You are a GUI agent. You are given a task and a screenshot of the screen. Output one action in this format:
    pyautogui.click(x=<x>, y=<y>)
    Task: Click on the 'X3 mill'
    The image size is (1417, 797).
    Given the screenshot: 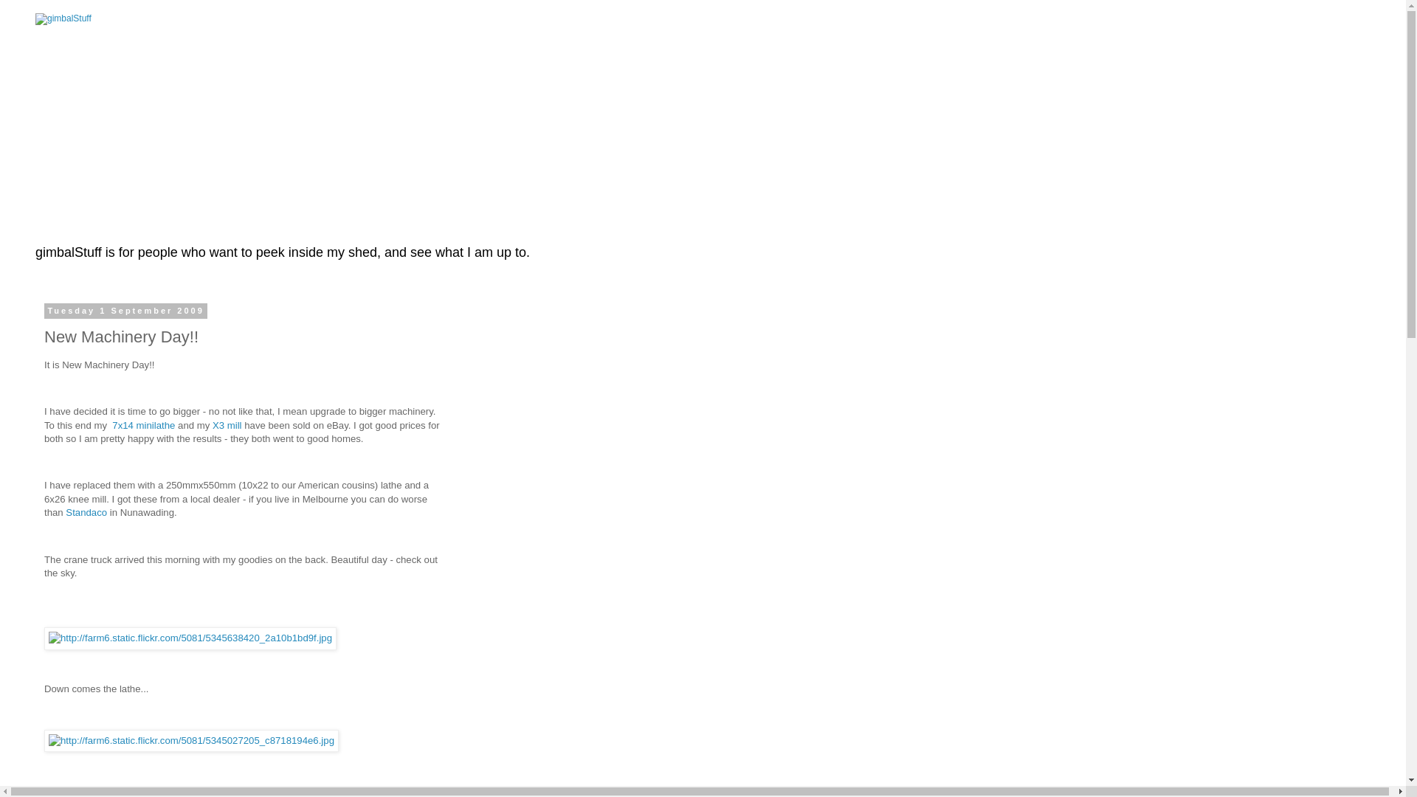 What is the action you would take?
    pyautogui.click(x=226, y=425)
    